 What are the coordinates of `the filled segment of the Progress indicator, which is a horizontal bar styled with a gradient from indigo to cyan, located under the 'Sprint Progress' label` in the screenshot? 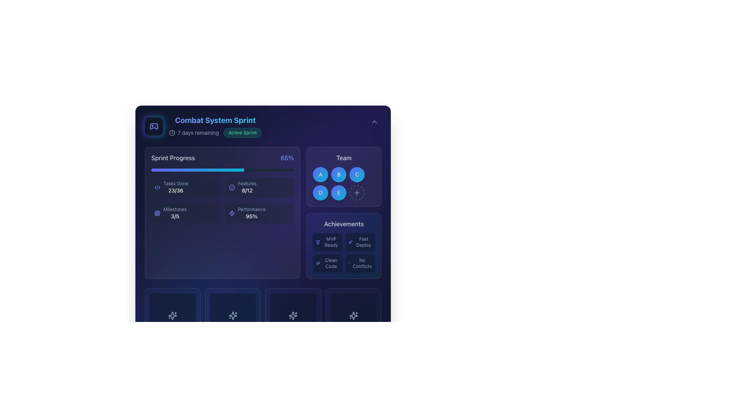 It's located at (197, 169).